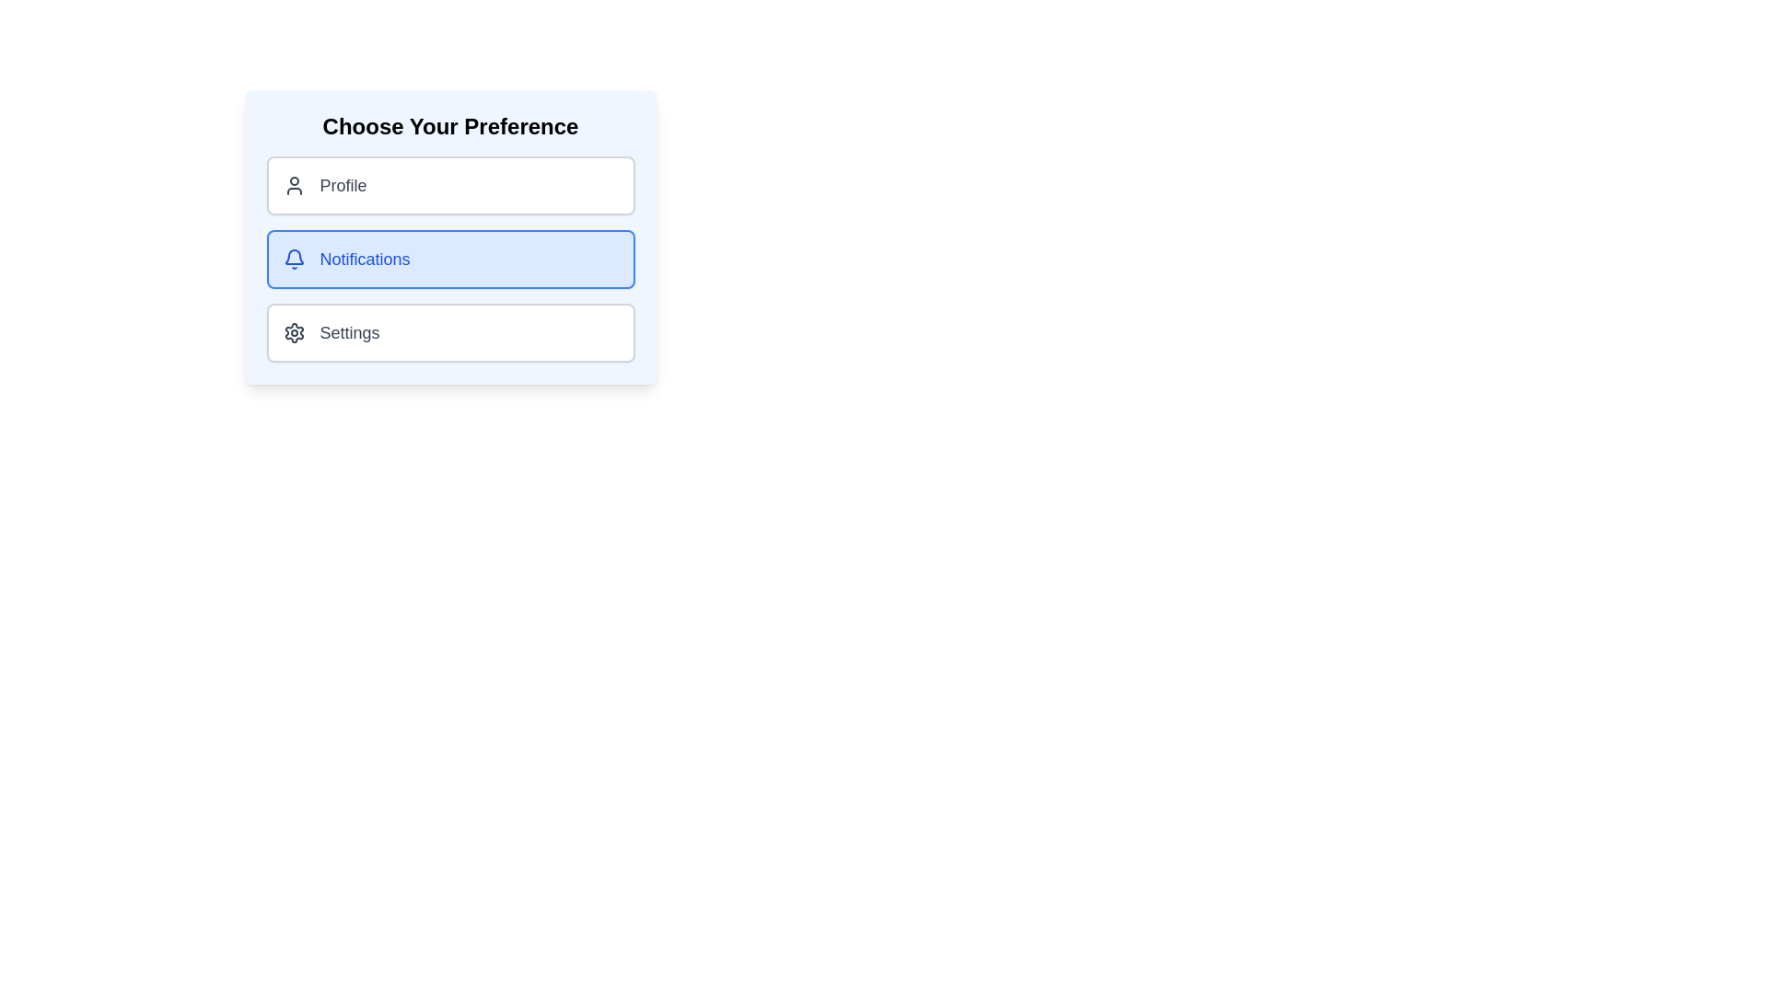  I want to click on the 'Notifications' button with a bell icon, so click(450, 259).